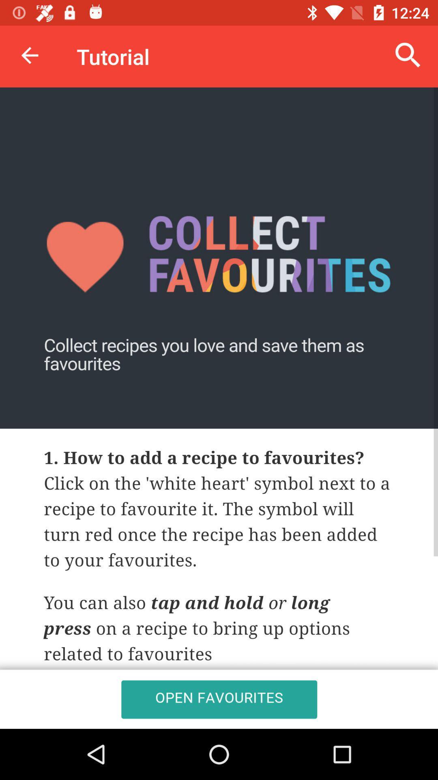  Describe the element at coordinates (219, 408) in the screenshot. I see `open favourites` at that location.